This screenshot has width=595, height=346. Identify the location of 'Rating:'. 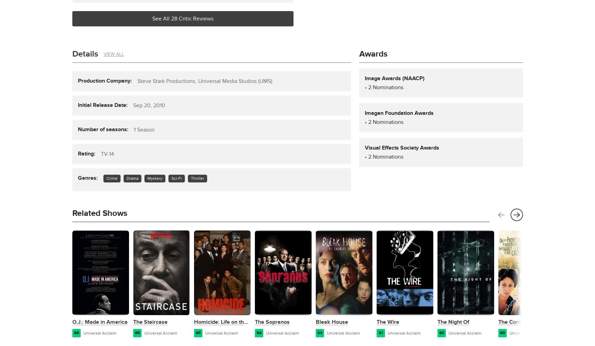
(77, 153).